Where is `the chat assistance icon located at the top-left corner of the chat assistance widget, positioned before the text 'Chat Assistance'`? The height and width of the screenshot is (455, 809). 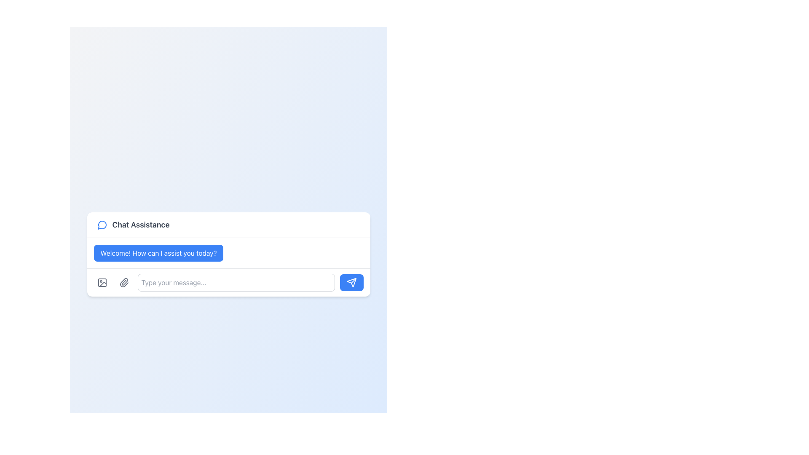
the chat assistance icon located at the top-left corner of the chat assistance widget, positioned before the text 'Chat Assistance' is located at coordinates (101, 225).